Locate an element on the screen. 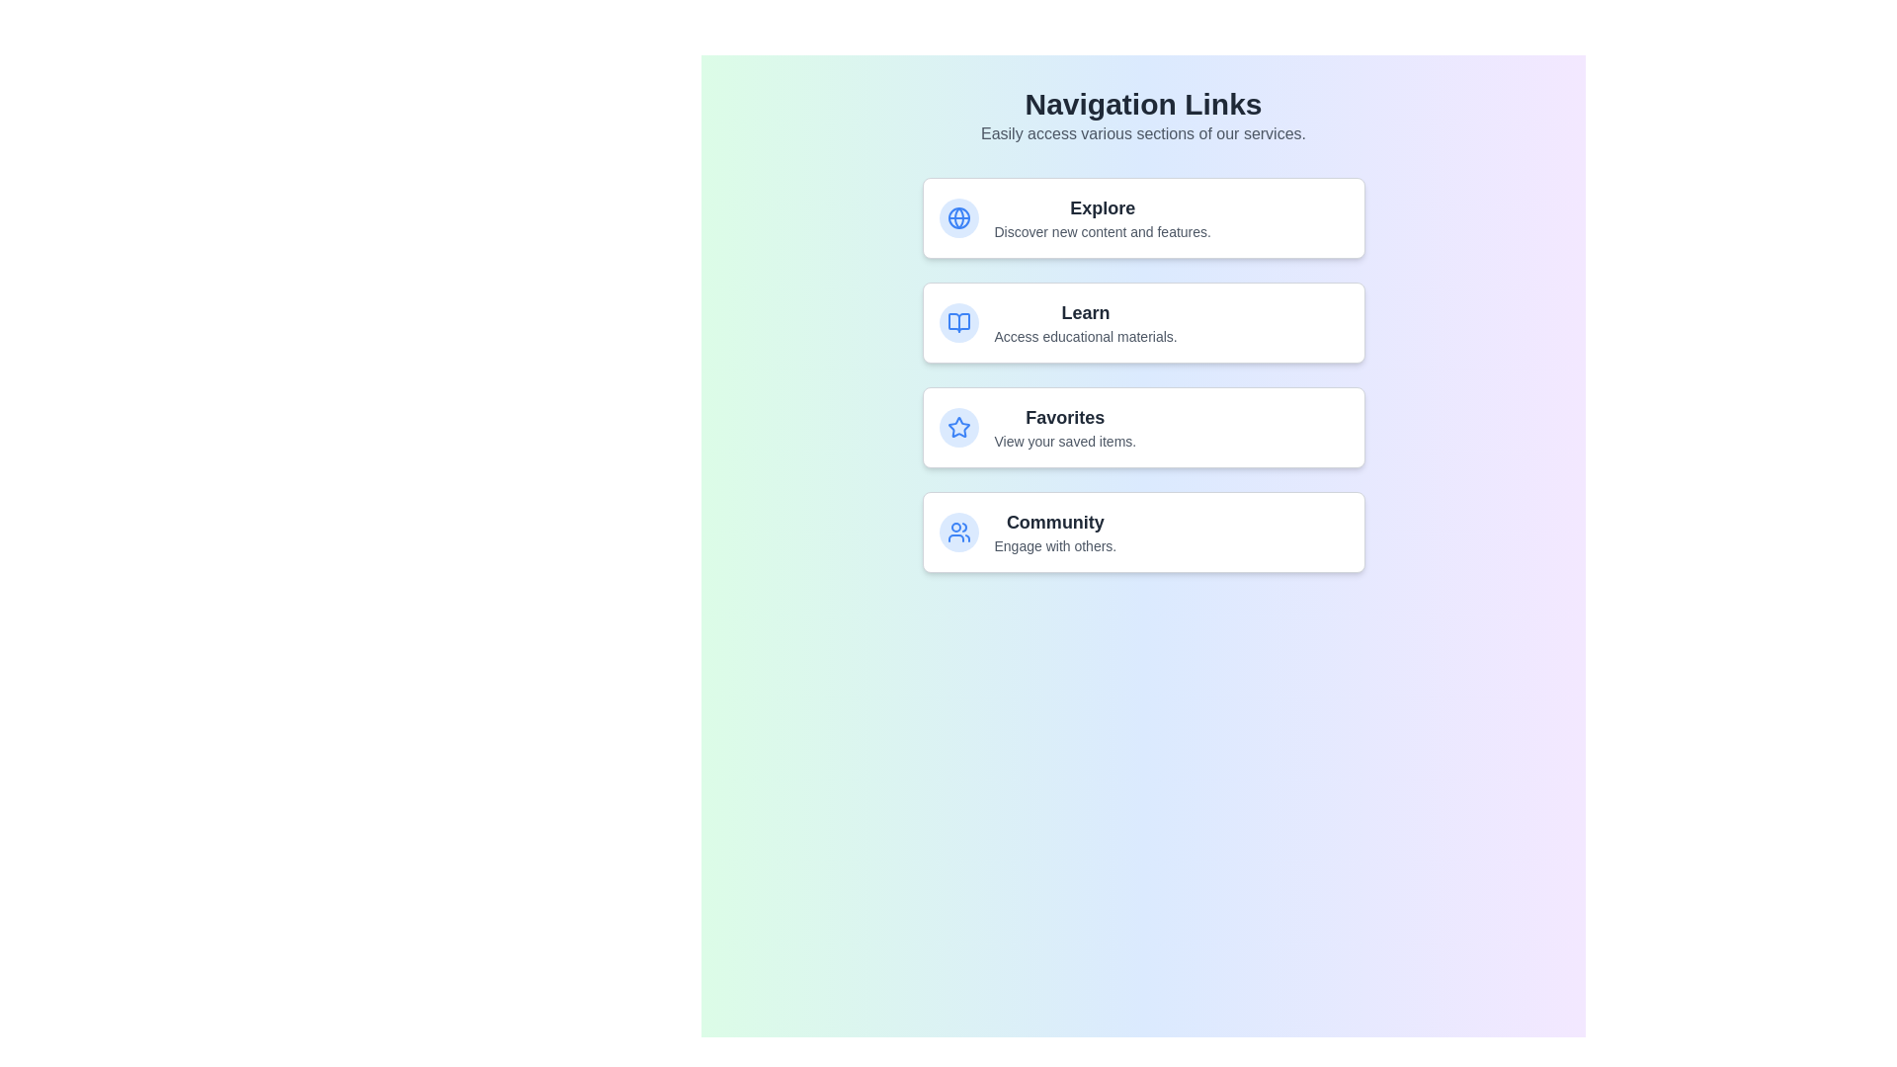 This screenshot has width=1897, height=1067. the text label displaying 'Access educational materials.' located below the 'Learn' header in the vertical navigation interface is located at coordinates (1085, 335).